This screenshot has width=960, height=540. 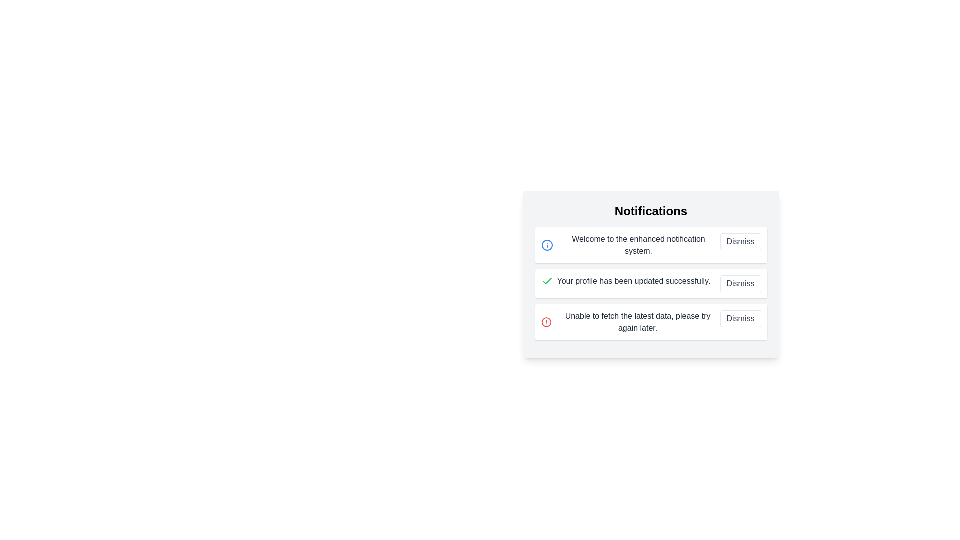 I want to click on the green checkmark icon indicating success, located in the second notification item to the left of the text 'Your profile has been updated successfully.', so click(x=546, y=281).